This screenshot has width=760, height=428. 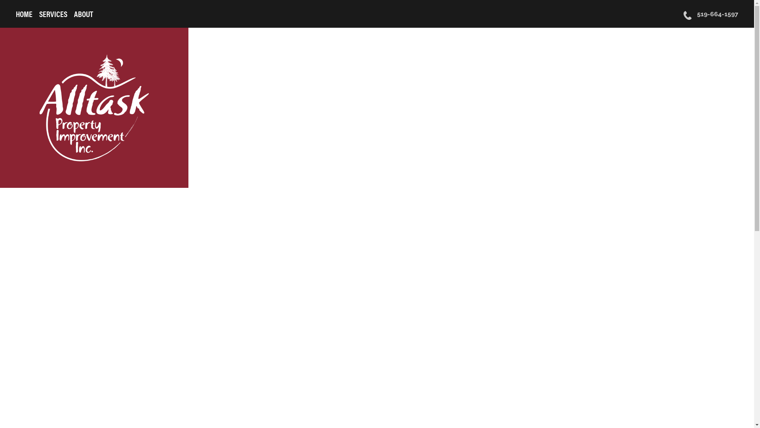 What do you see at coordinates (24, 13) in the screenshot?
I see `'HOME'` at bounding box center [24, 13].